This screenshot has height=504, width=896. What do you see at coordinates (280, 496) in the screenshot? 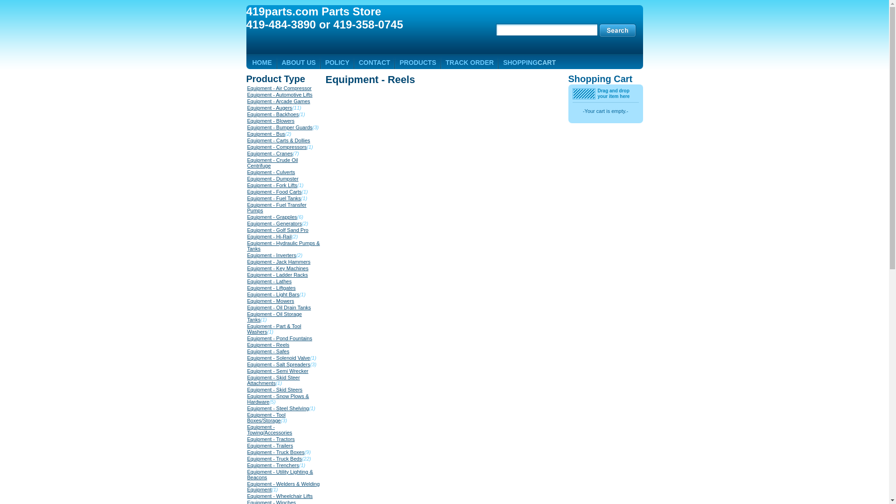
I see `'Equipment - Wheelchair Lifts'` at bounding box center [280, 496].